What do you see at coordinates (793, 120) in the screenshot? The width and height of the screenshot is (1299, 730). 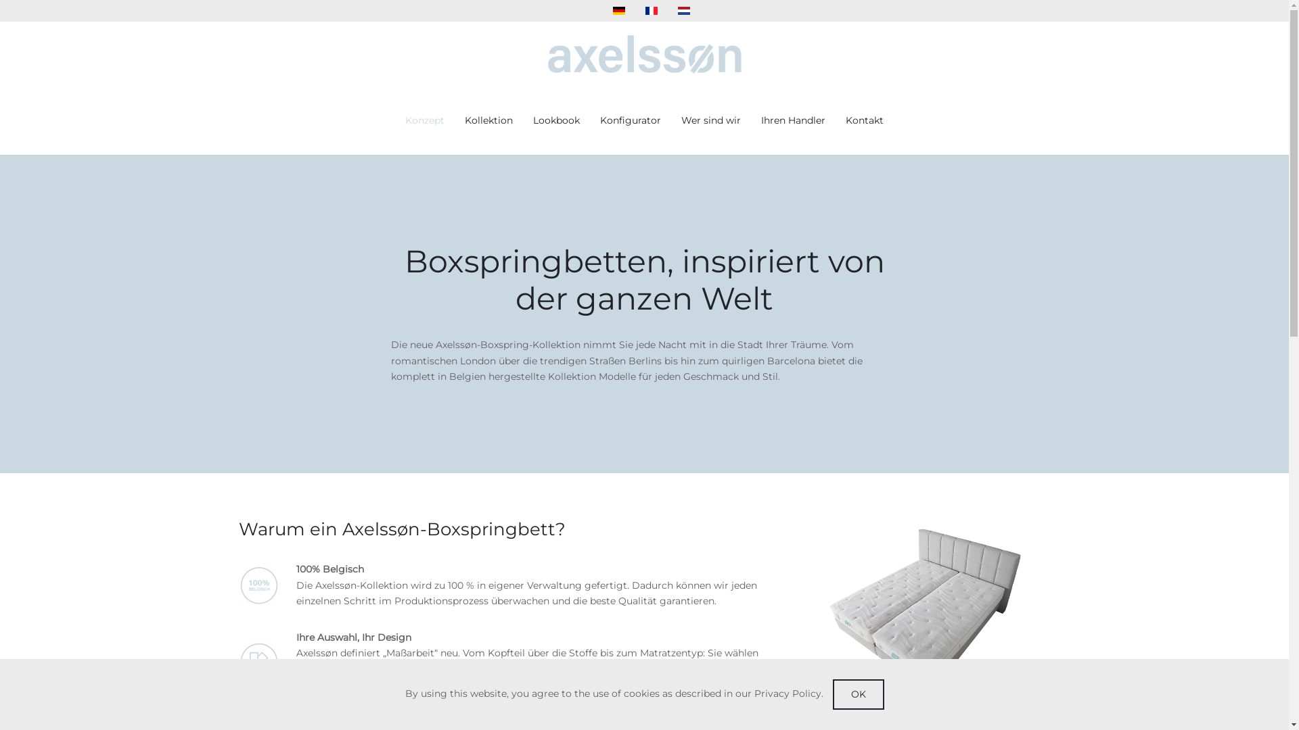 I see `'Ihren Handler'` at bounding box center [793, 120].